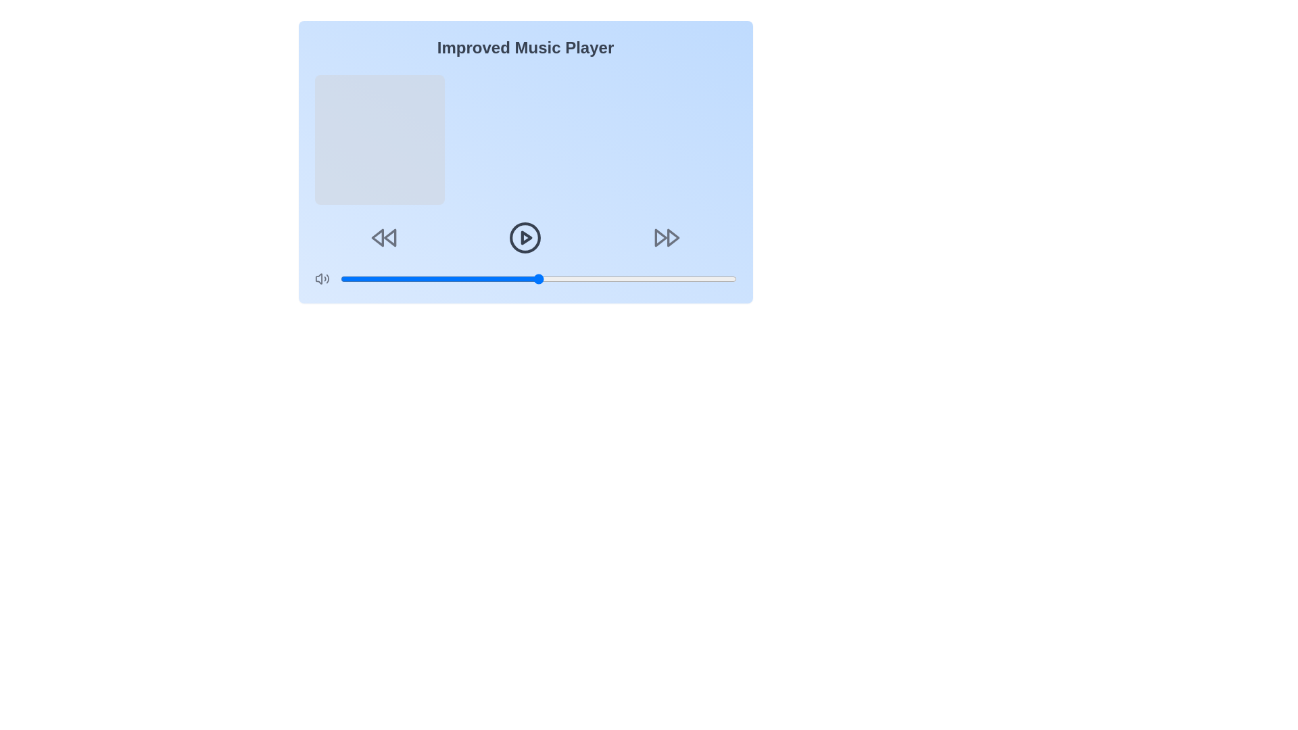 This screenshot has height=730, width=1298. Describe the element at coordinates (667, 237) in the screenshot. I see `the double-arrow icon button, which is styled in grey and changes to black when hovered over, located at the far right of the control icons in the music player interface` at that location.